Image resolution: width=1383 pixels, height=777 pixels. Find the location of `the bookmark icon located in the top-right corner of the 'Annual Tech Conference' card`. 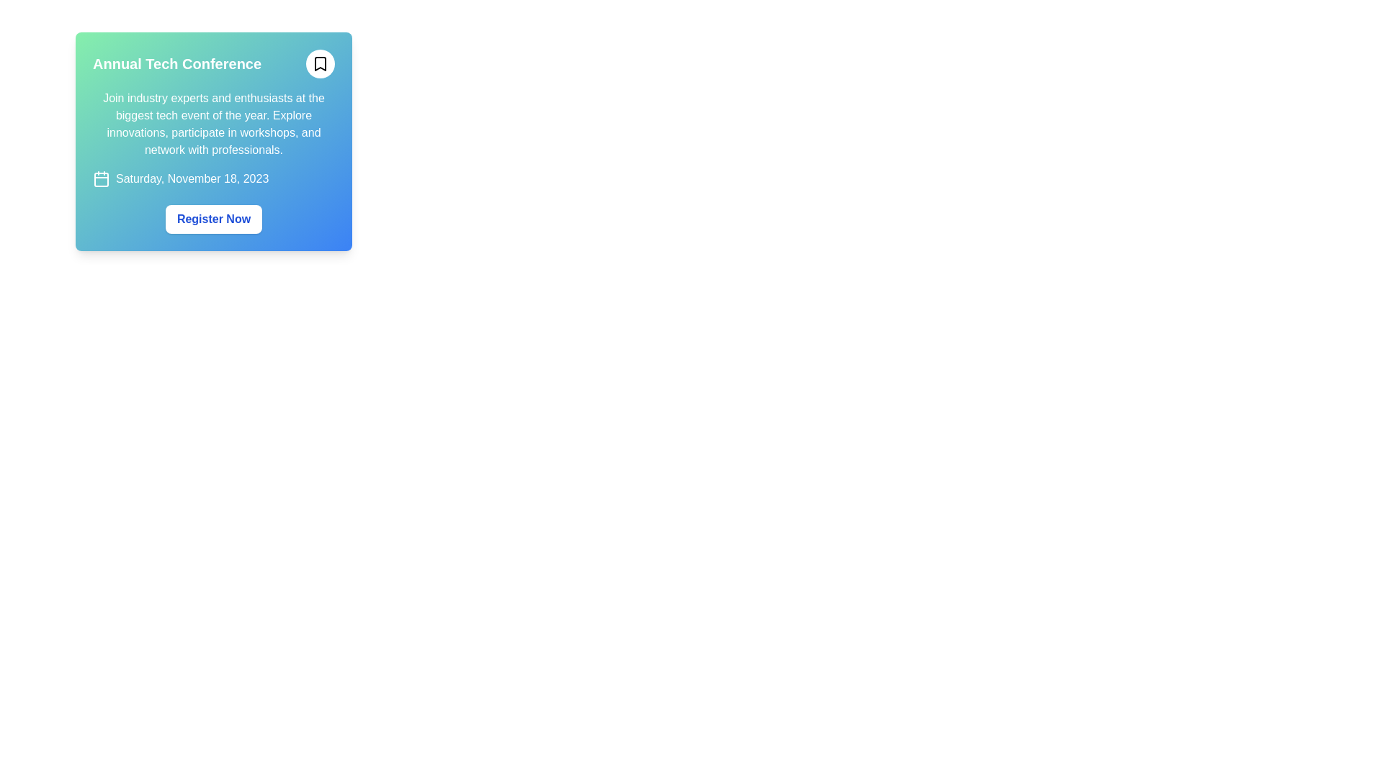

the bookmark icon located in the top-right corner of the 'Annual Tech Conference' card is located at coordinates (320, 63).